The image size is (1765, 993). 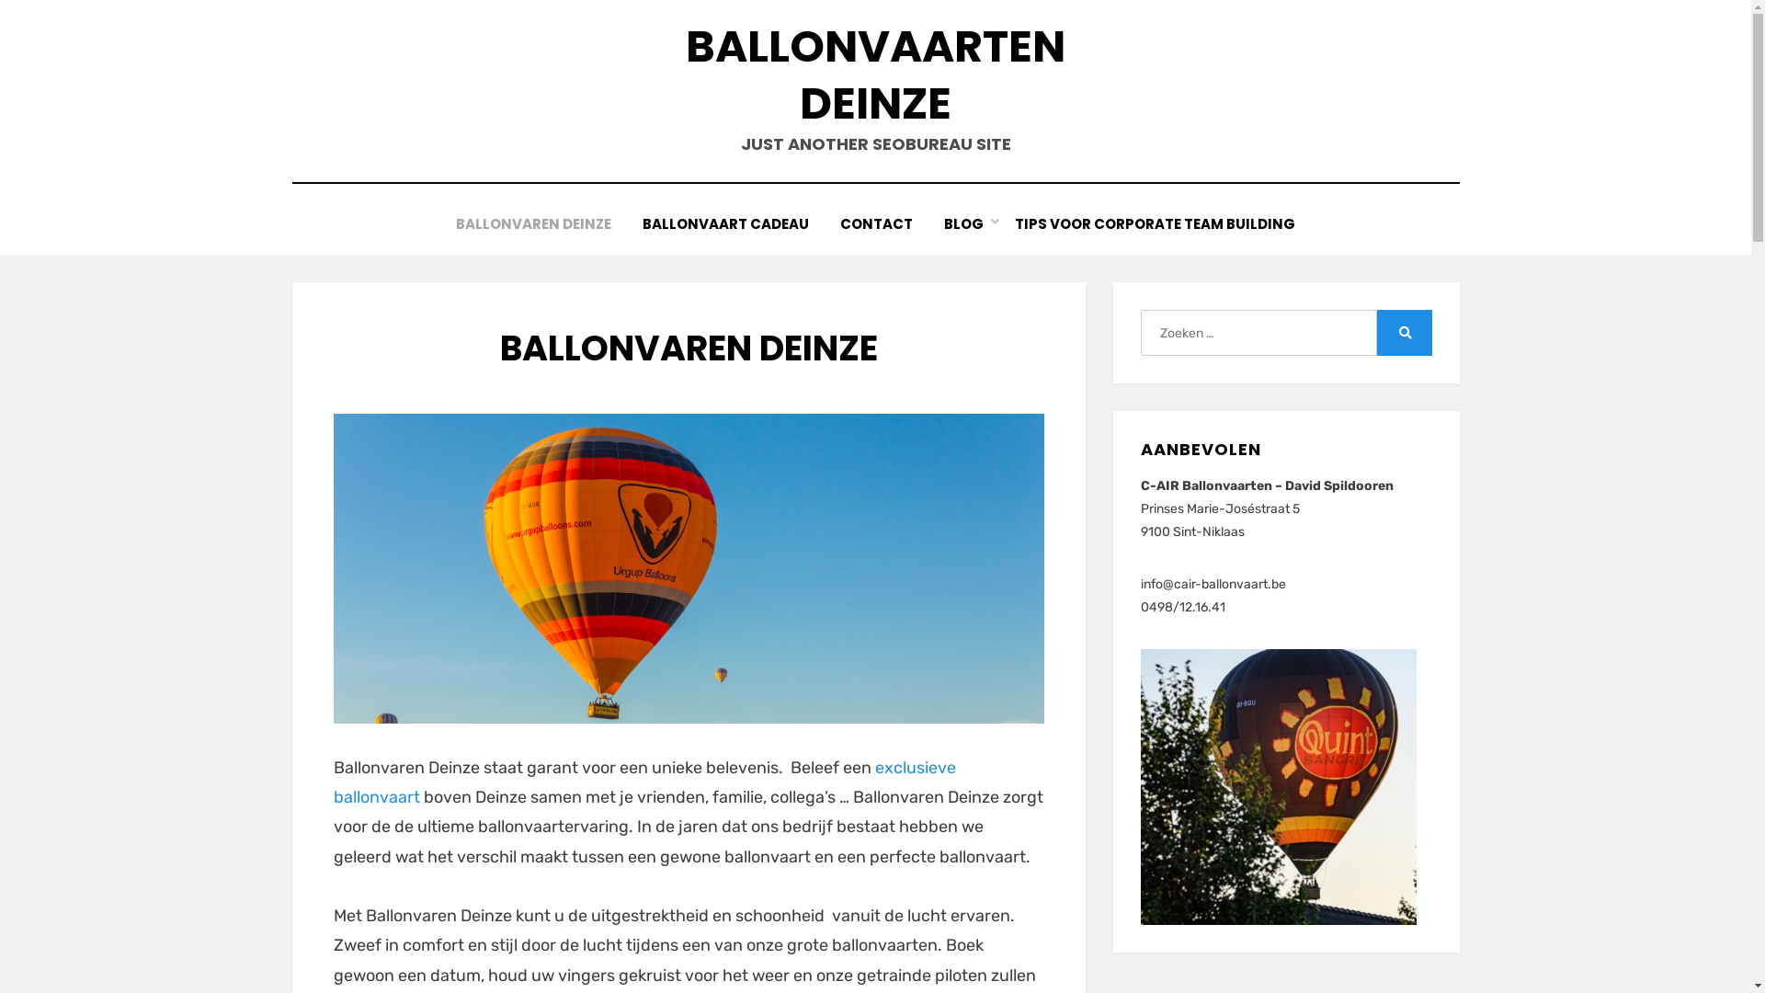 I want to click on 'BALLONVAART CADEAU', so click(x=724, y=223).